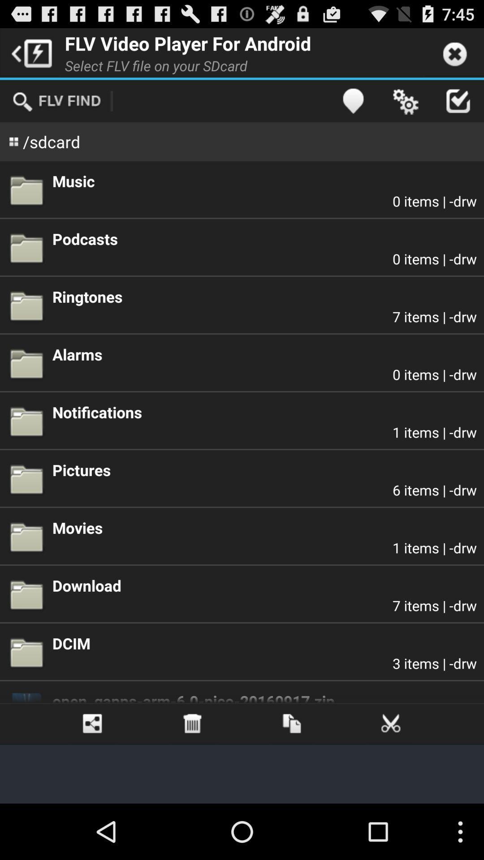 The height and width of the screenshot is (860, 484). What do you see at coordinates (29, 52) in the screenshot?
I see `icon next to flv video player app` at bounding box center [29, 52].